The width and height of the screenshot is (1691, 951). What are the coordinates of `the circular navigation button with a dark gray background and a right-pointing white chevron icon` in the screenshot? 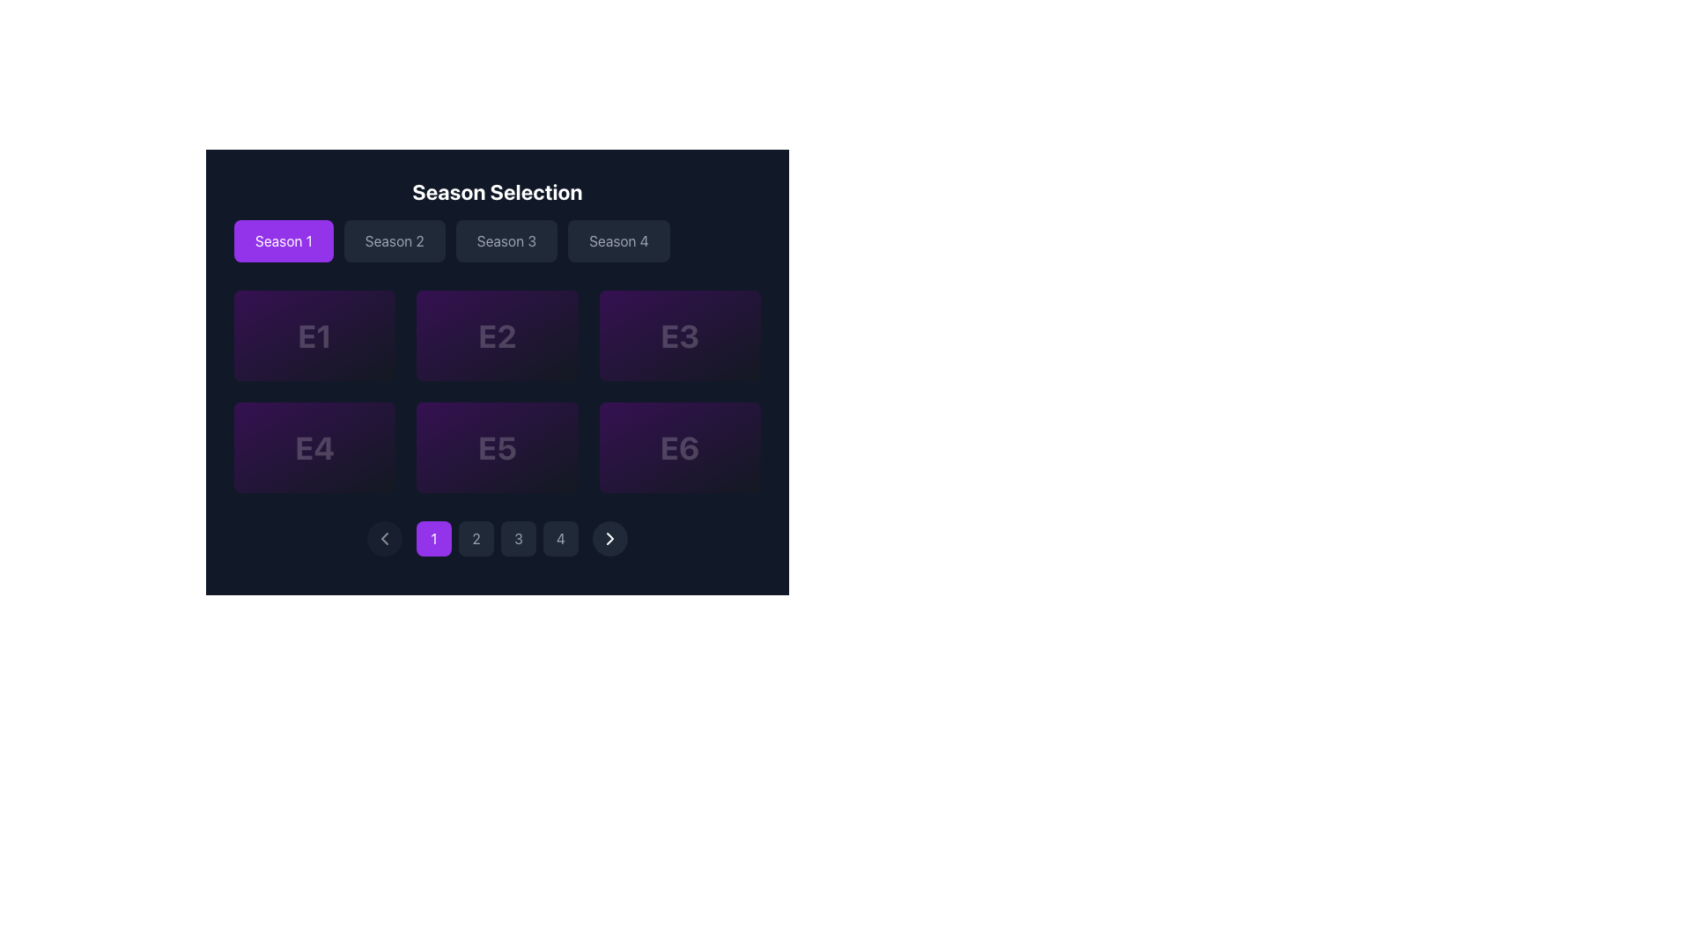 It's located at (609, 538).